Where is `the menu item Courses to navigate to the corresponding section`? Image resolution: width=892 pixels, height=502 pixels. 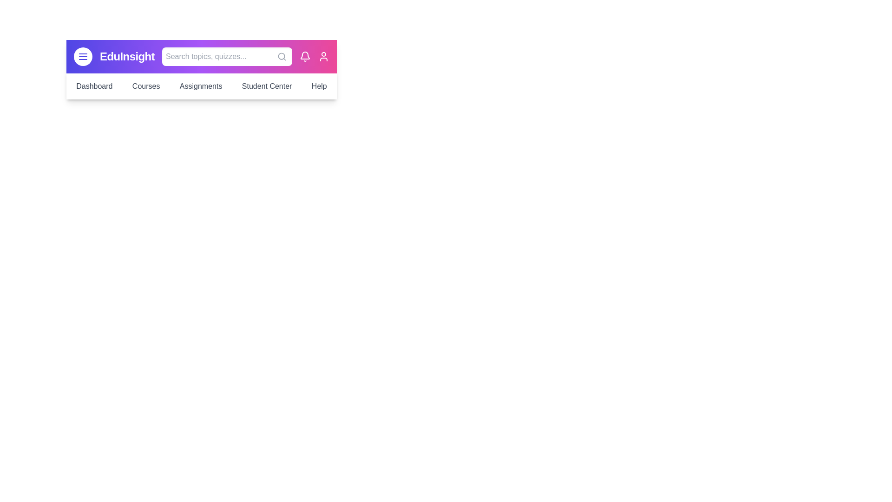 the menu item Courses to navigate to the corresponding section is located at coordinates (145, 86).